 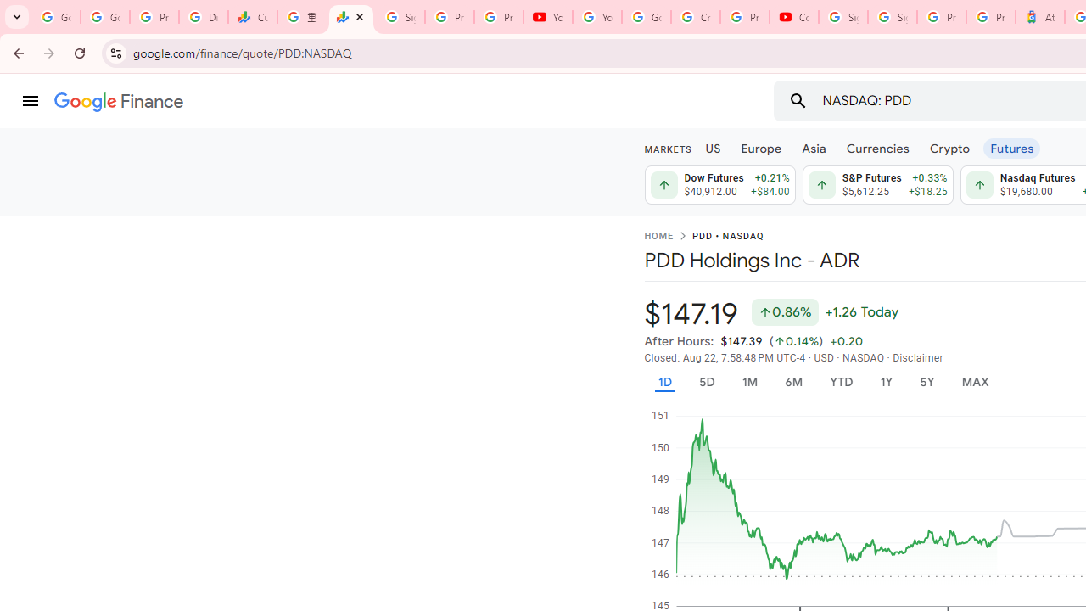 What do you see at coordinates (792, 382) in the screenshot?
I see `'6M'` at bounding box center [792, 382].